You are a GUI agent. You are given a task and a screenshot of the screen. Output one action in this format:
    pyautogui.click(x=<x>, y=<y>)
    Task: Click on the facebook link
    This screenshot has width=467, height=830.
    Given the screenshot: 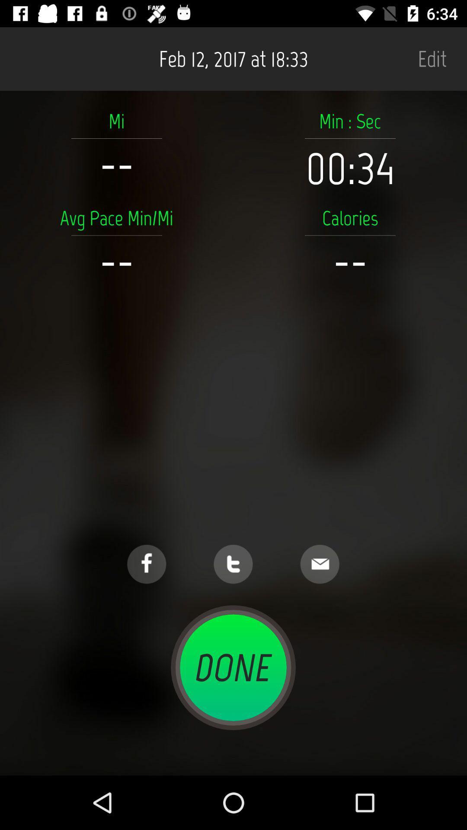 What is the action you would take?
    pyautogui.click(x=146, y=564)
    